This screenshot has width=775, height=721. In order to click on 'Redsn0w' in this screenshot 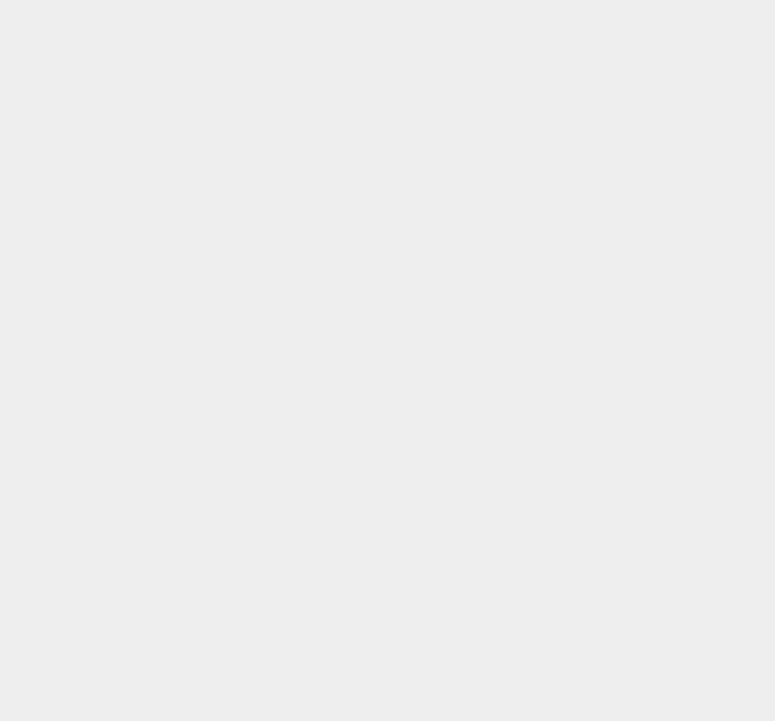, I will do `click(567, 611)`.